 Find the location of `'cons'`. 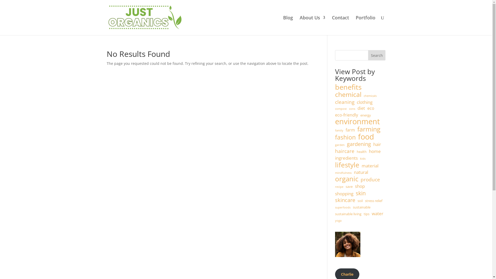

'cons' is located at coordinates (352, 109).